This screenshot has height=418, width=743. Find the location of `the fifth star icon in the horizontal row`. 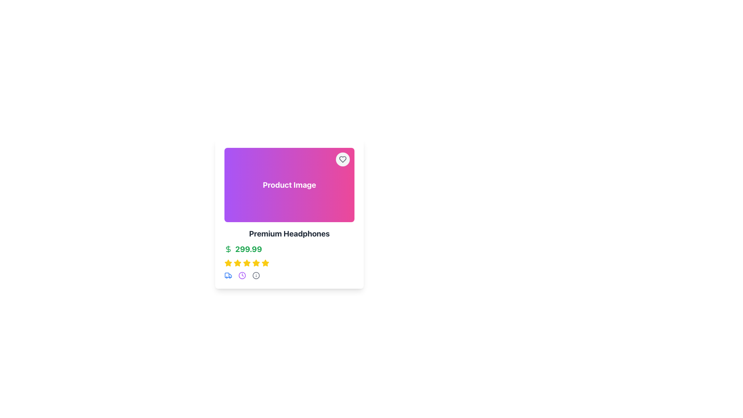

the fifth star icon in the horizontal row is located at coordinates (265, 262).